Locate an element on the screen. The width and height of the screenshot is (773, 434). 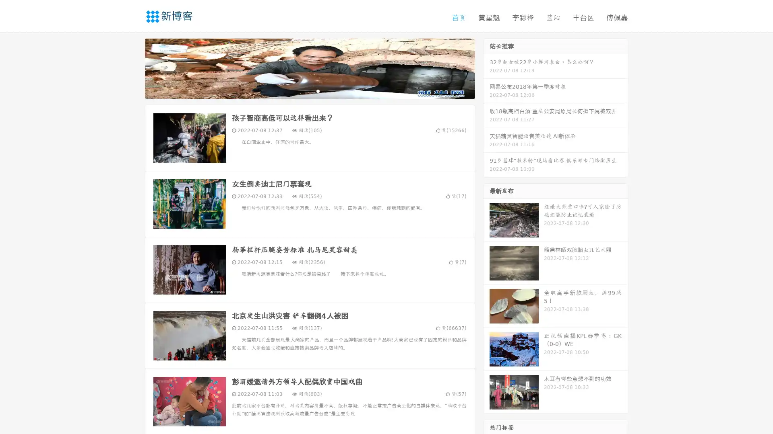
Go to slide 3 is located at coordinates (318, 90).